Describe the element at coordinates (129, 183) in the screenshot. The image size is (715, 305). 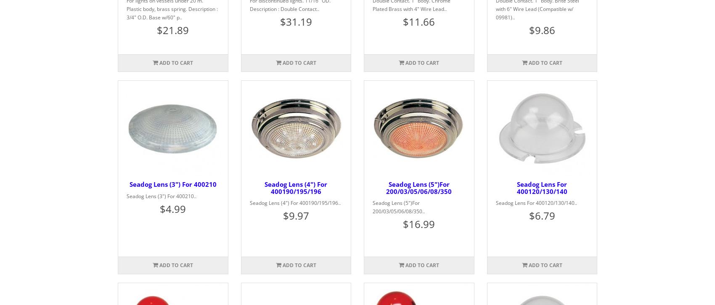
I see `'Seadog Lens (3") For 400210'` at that location.